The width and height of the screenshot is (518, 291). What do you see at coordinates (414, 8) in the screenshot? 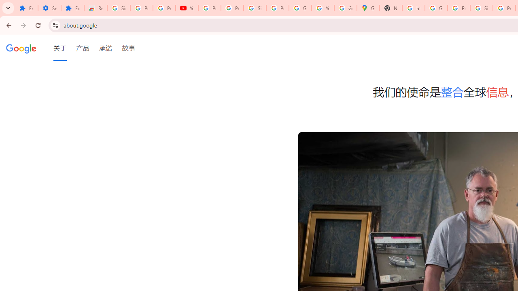
I see `'https://scholar.google.com/'` at bounding box center [414, 8].